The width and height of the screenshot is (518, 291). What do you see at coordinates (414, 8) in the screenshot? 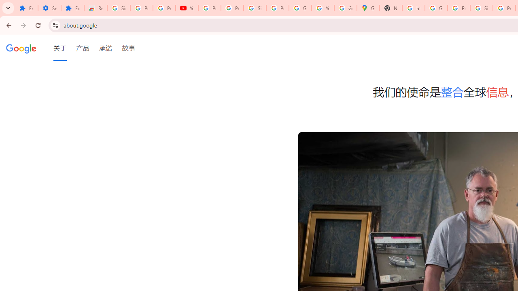
I see `'https://scholar.google.com/'` at bounding box center [414, 8].